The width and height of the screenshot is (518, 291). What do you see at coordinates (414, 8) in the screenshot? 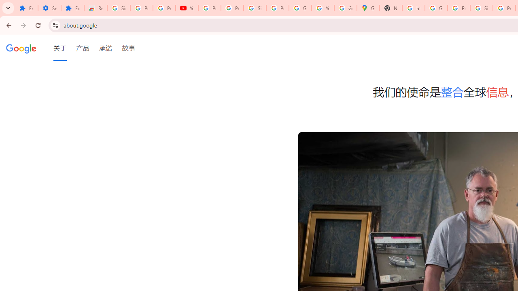
I see `'https://scholar.google.com/'` at bounding box center [414, 8].